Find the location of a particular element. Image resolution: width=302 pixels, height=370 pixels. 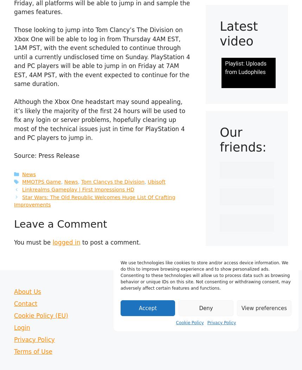

'Latest video' is located at coordinates (219, 33).